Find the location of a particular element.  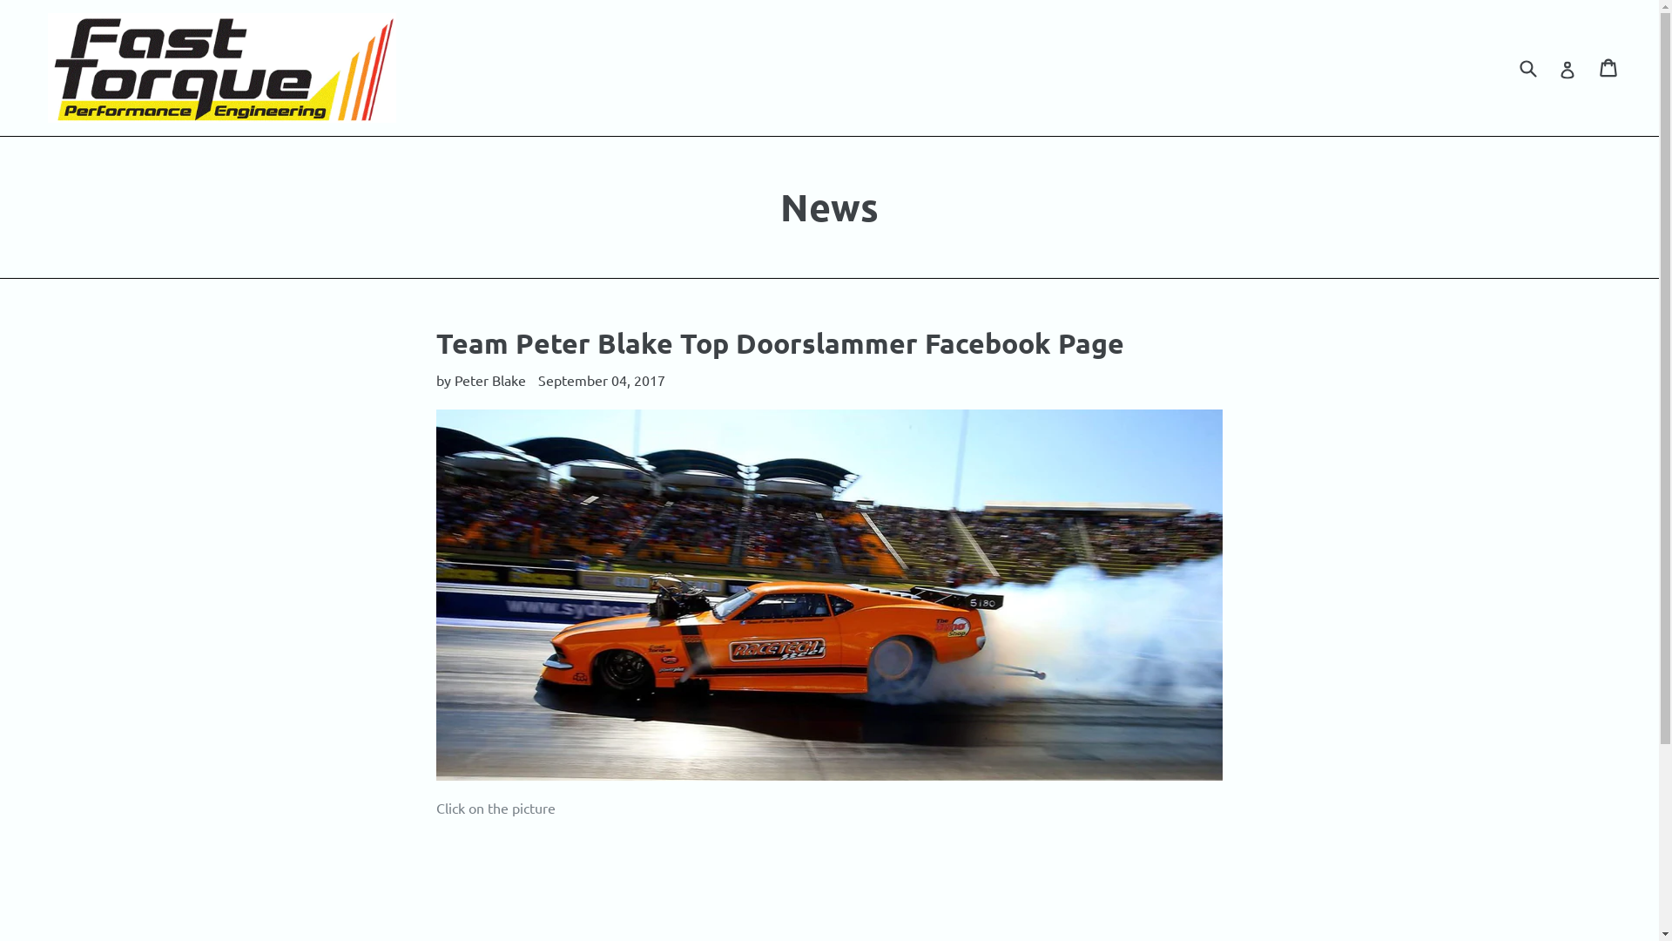

'Cart is located at coordinates (1608, 66).